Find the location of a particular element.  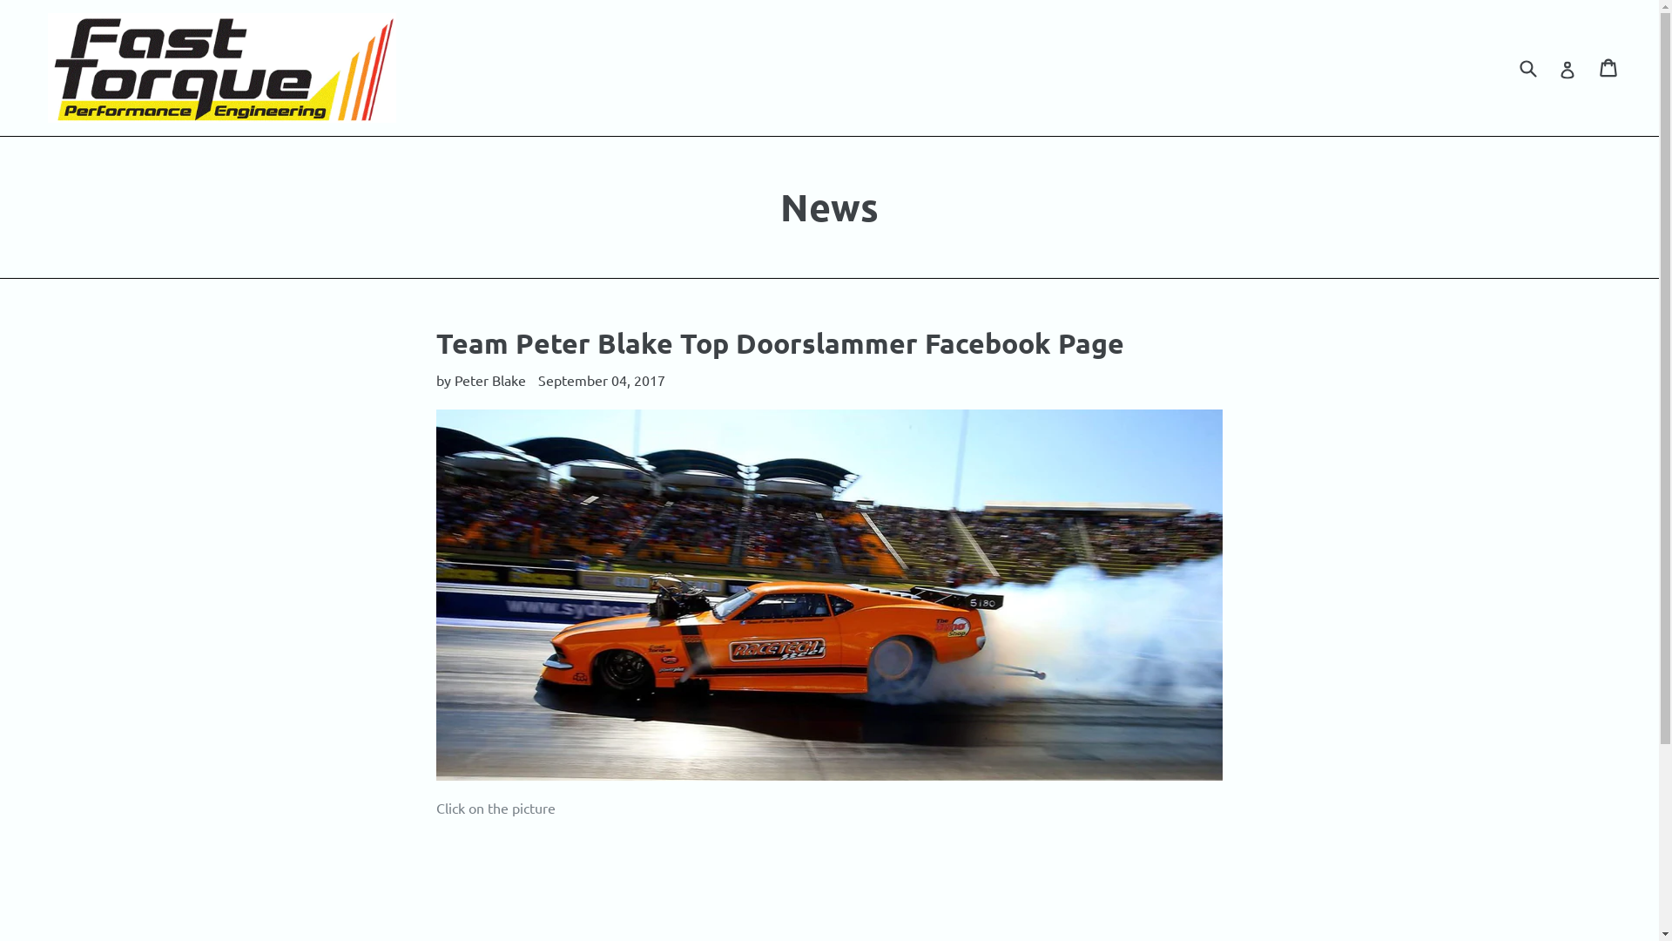

'Cart is located at coordinates (1608, 66).